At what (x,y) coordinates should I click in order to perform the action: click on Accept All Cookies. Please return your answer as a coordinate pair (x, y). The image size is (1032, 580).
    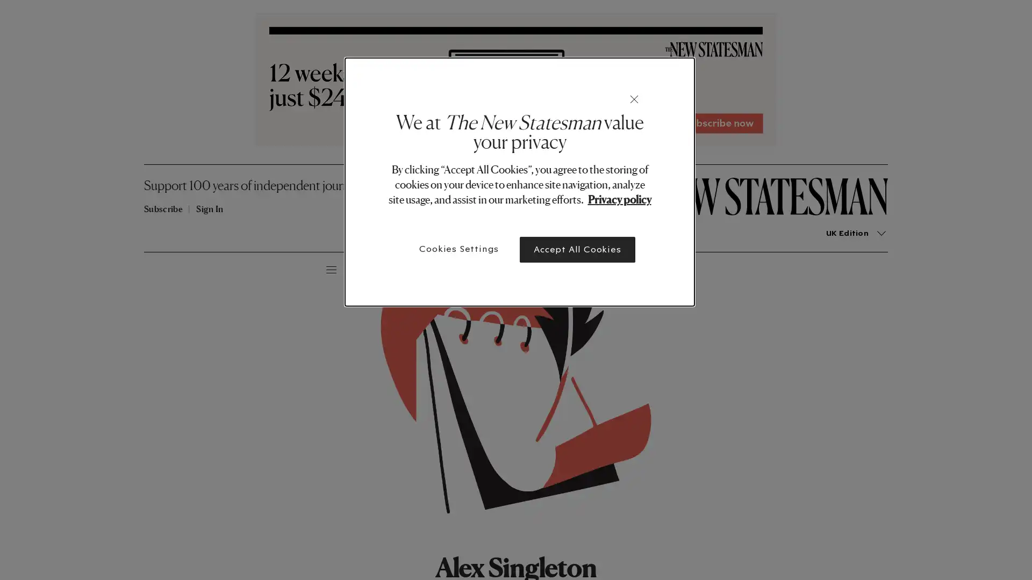
    Looking at the image, I should click on (577, 250).